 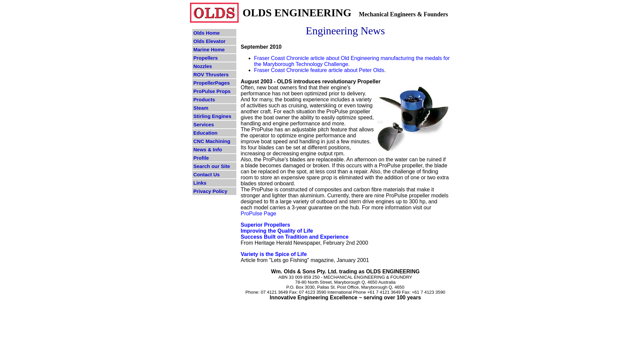 I want to click on 'Products', so click(x=214, y=99).